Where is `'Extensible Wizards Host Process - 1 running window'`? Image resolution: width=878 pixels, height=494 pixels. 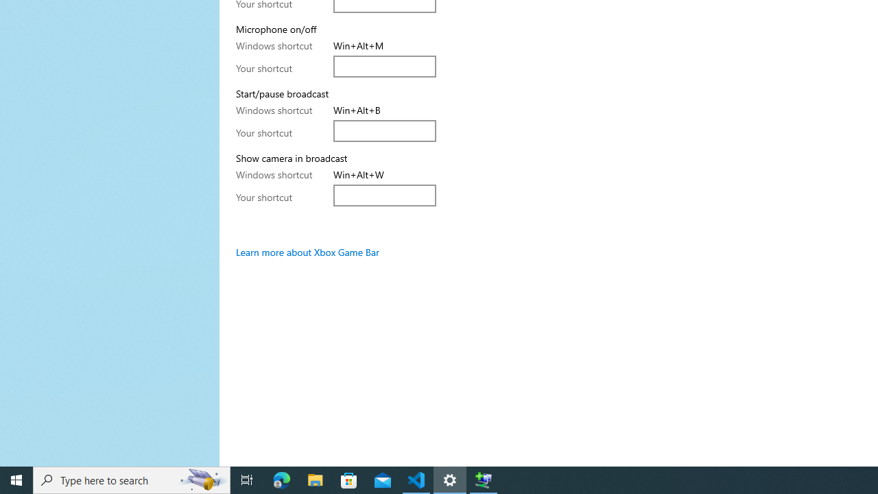 'Extensible Wizards Host Process - 1 running window' is located at coordinates (484, 479).